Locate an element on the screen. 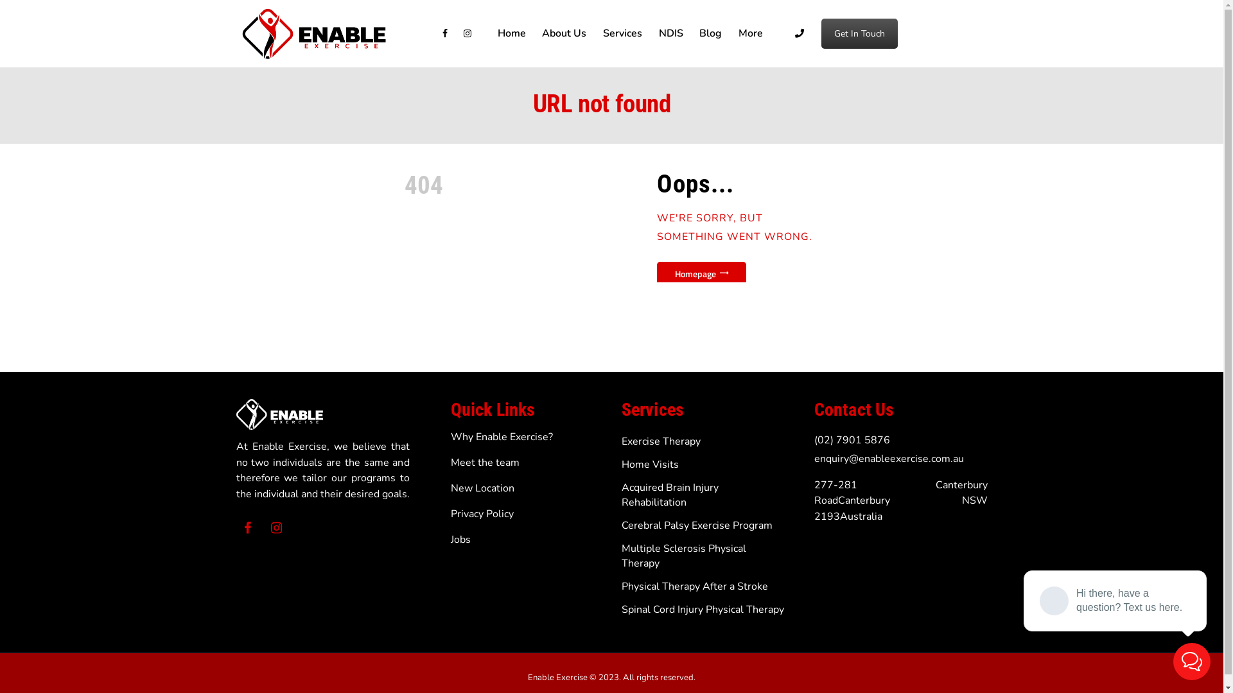 Image resolution: width=1233 pixels, height=693 pixels. 'Meet the team' is located at coordinates (484, 463).